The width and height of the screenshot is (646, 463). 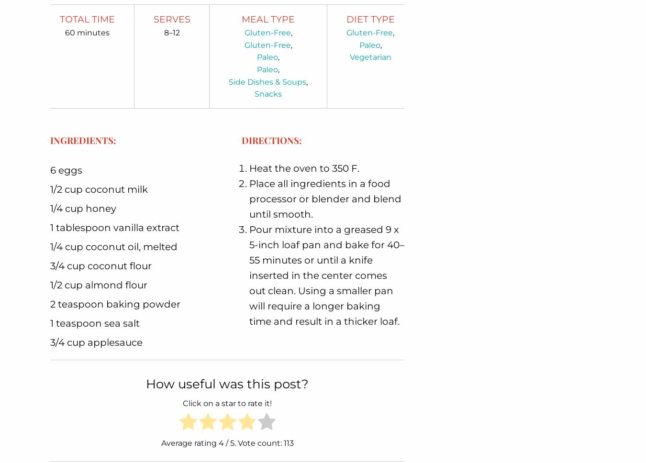 What do you see at coordinates (171, 19) in the screenshot?
I see `'Serves'` at bounding box center [171, 19].